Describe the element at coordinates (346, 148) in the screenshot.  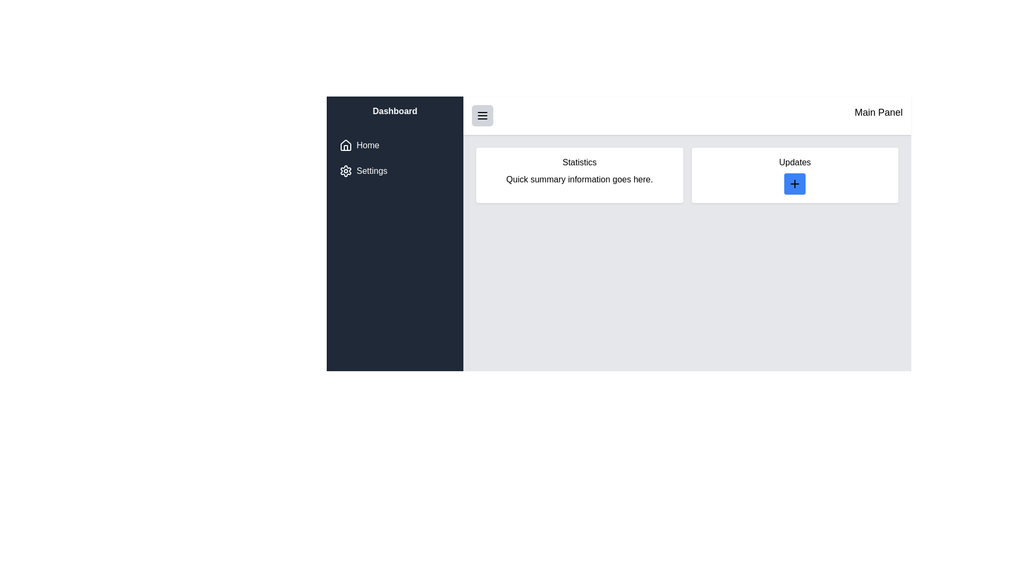
I see `the house icon in the left-side vertical navigation bar` at that location.